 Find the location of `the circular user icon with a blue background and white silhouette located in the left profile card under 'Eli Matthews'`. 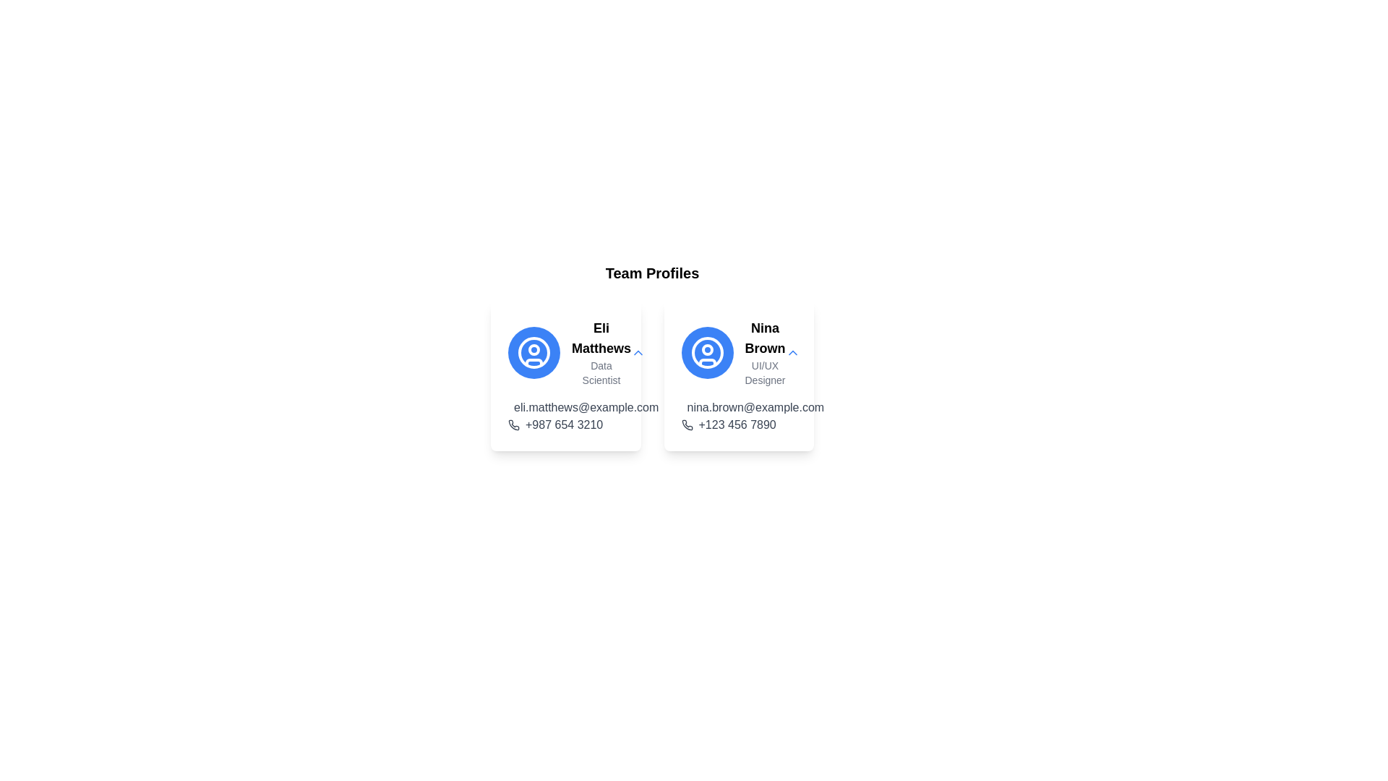

the circular user icon with a blue background and white silhouette located in the left profile card under 'Eli Matthews' is located at coordinates (534, 353).